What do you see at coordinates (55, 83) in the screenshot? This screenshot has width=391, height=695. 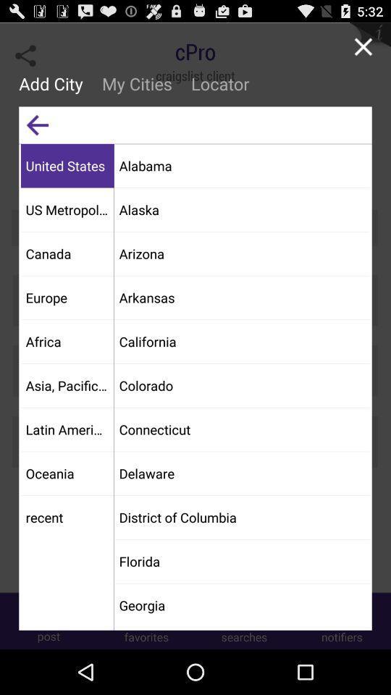 I see `the add city item` at bounding box center [55, 83].